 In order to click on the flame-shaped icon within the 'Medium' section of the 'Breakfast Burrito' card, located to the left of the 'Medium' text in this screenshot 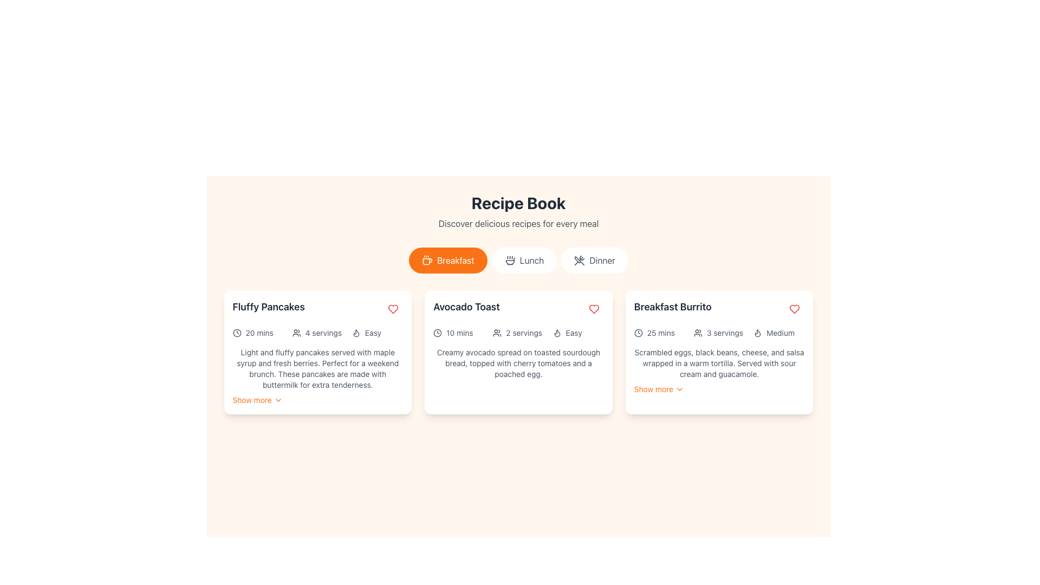, I will do `click(757, 332)`.